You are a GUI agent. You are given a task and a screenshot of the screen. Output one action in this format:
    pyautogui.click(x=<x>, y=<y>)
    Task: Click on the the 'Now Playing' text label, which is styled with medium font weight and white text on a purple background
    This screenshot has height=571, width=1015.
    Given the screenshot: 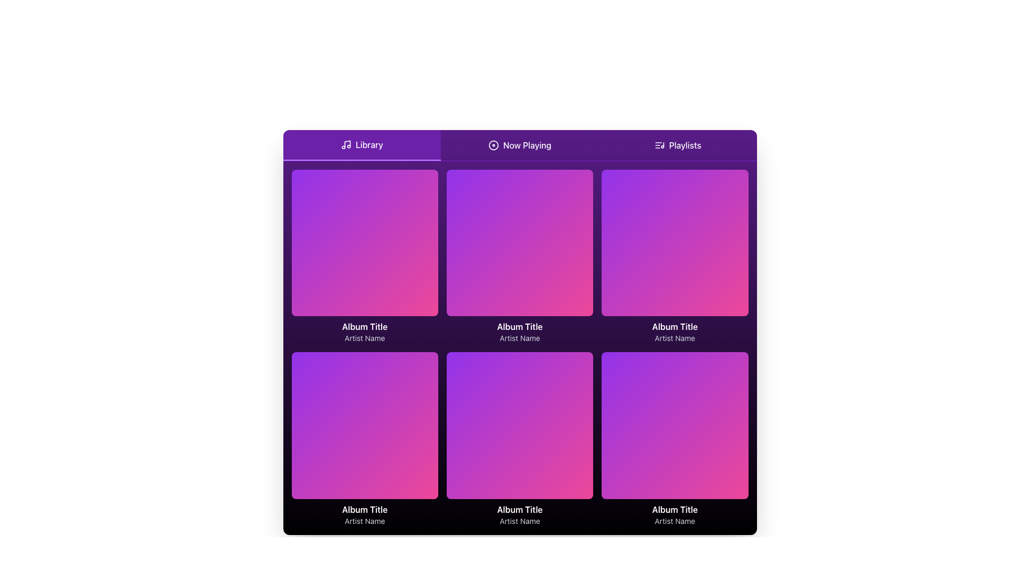 What is the action you would take?
    pyautogui.click(x=527, y=145)
    